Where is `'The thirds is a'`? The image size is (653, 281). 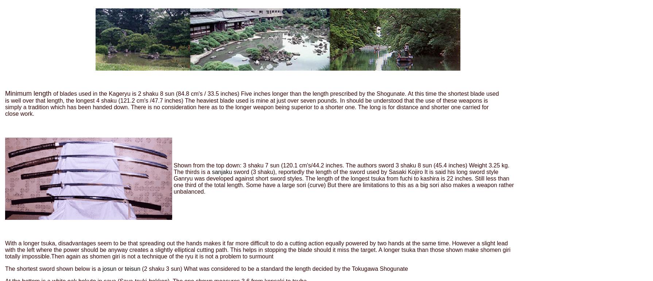 'The thirds is a' is located at coordinates (192, 171).